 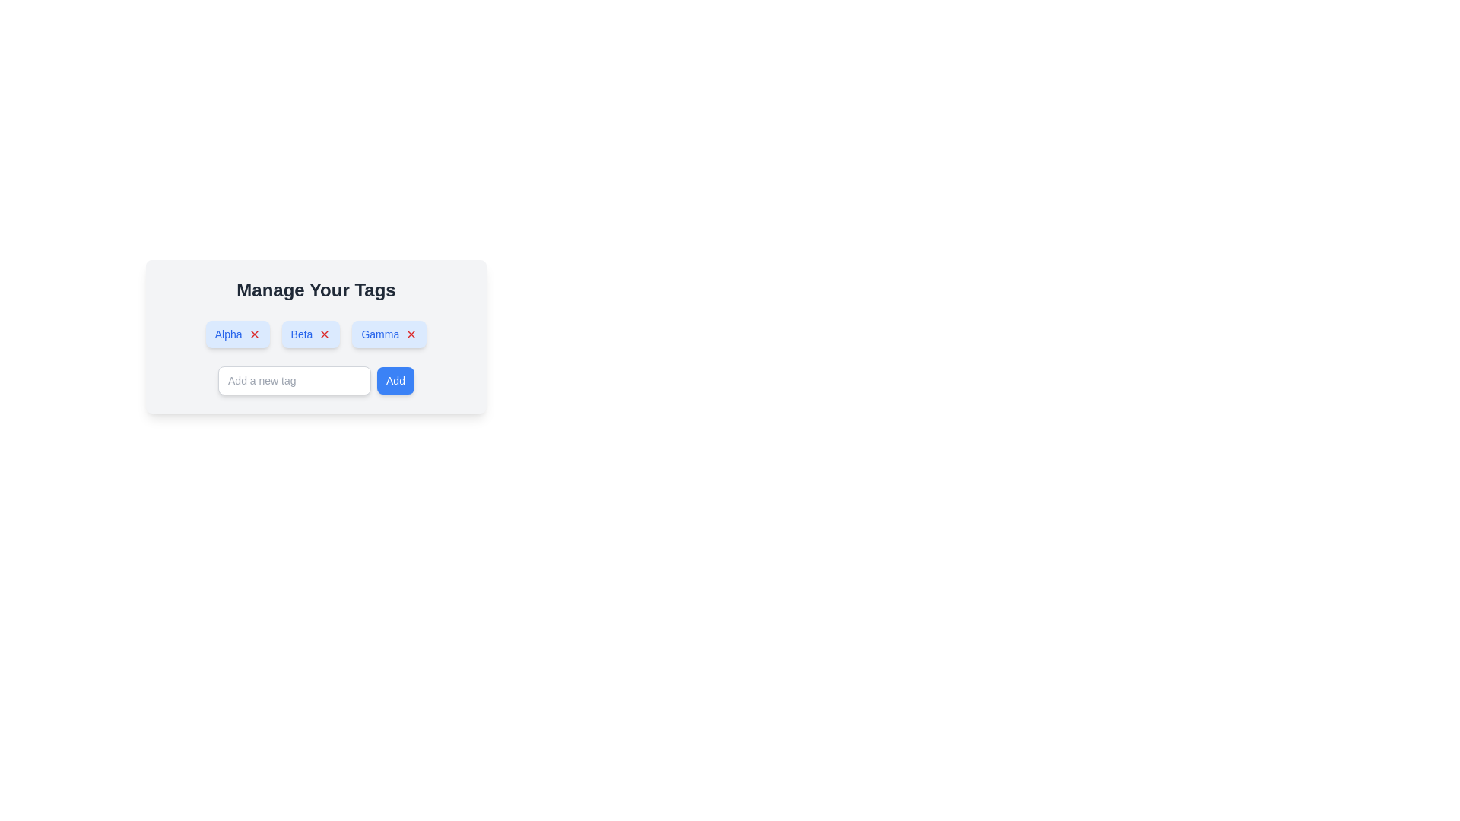 What do you see at coordinates (316, 290) in the screenshot?
I see `the bold header text 'Manage Your Tags' displayed in dark gray, which serves as the title for the surrounding interface` at bounding box center [316, 290].